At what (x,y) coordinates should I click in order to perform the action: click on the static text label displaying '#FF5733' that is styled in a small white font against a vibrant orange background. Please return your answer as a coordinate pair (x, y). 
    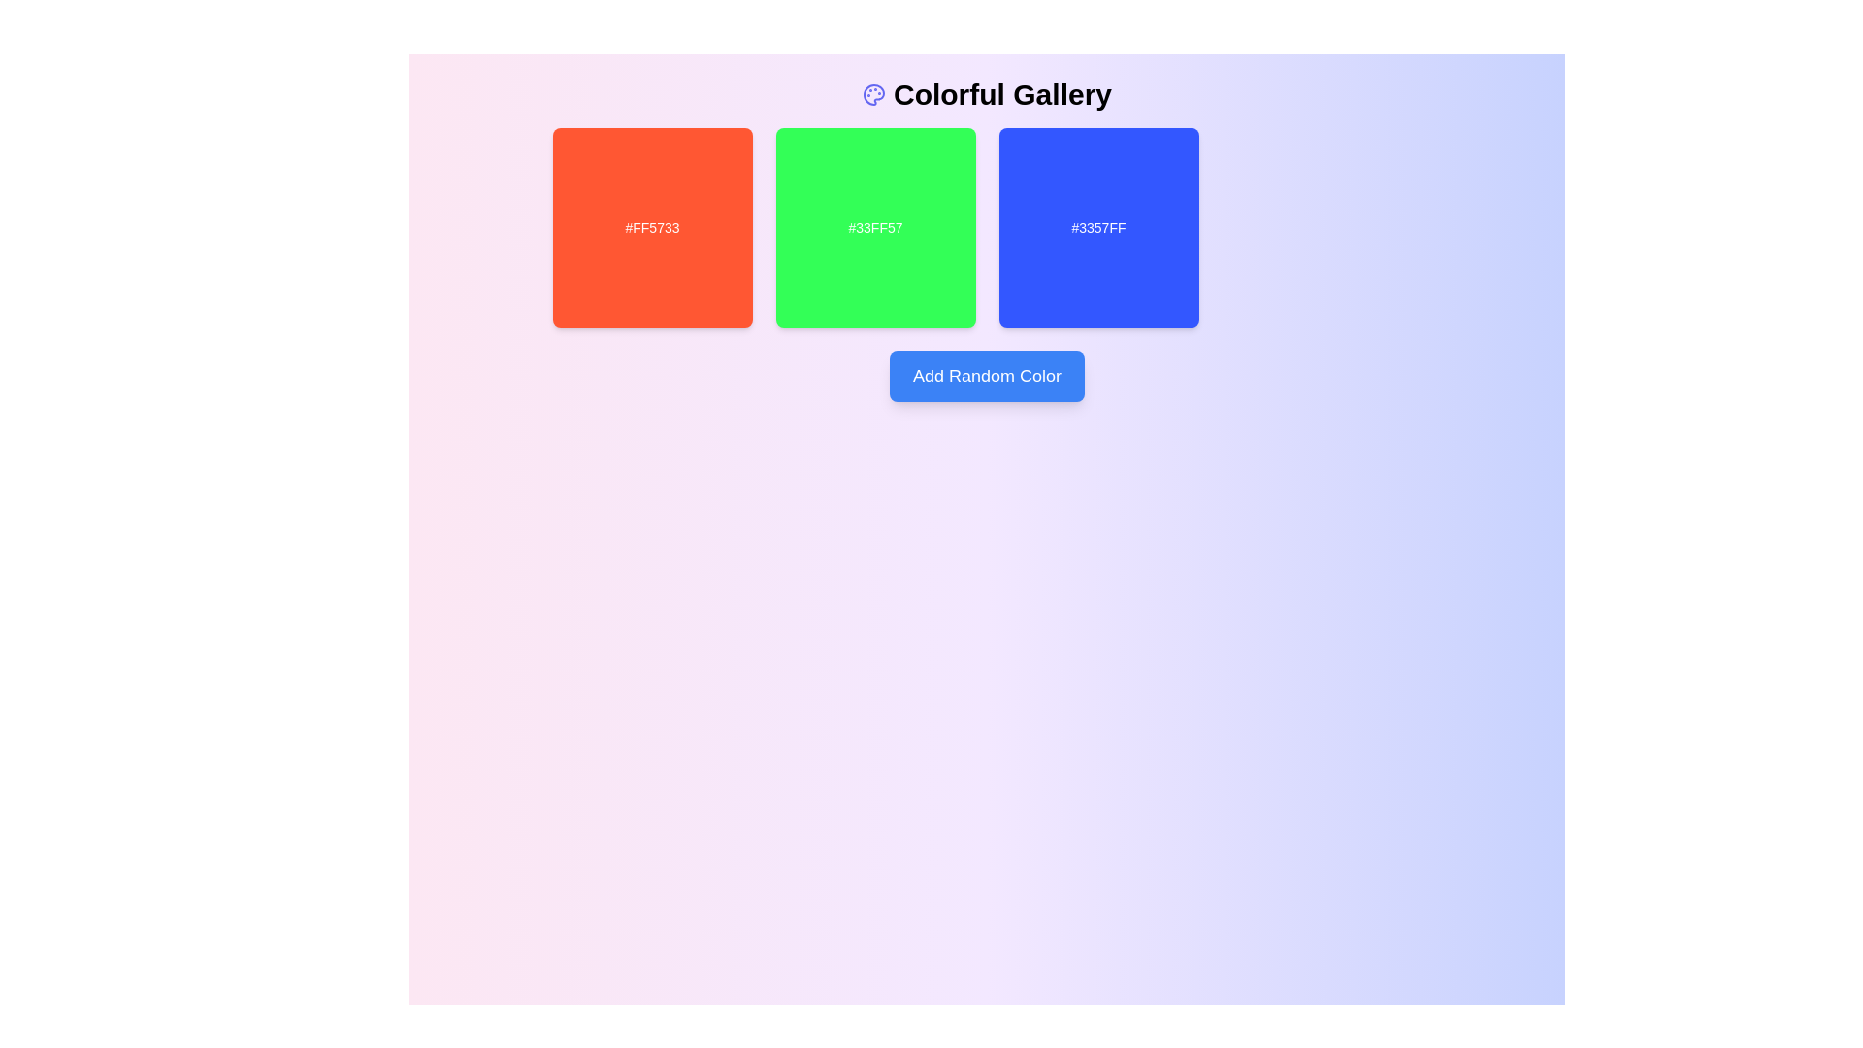
    Looking at the image, I should click on (652, 227).